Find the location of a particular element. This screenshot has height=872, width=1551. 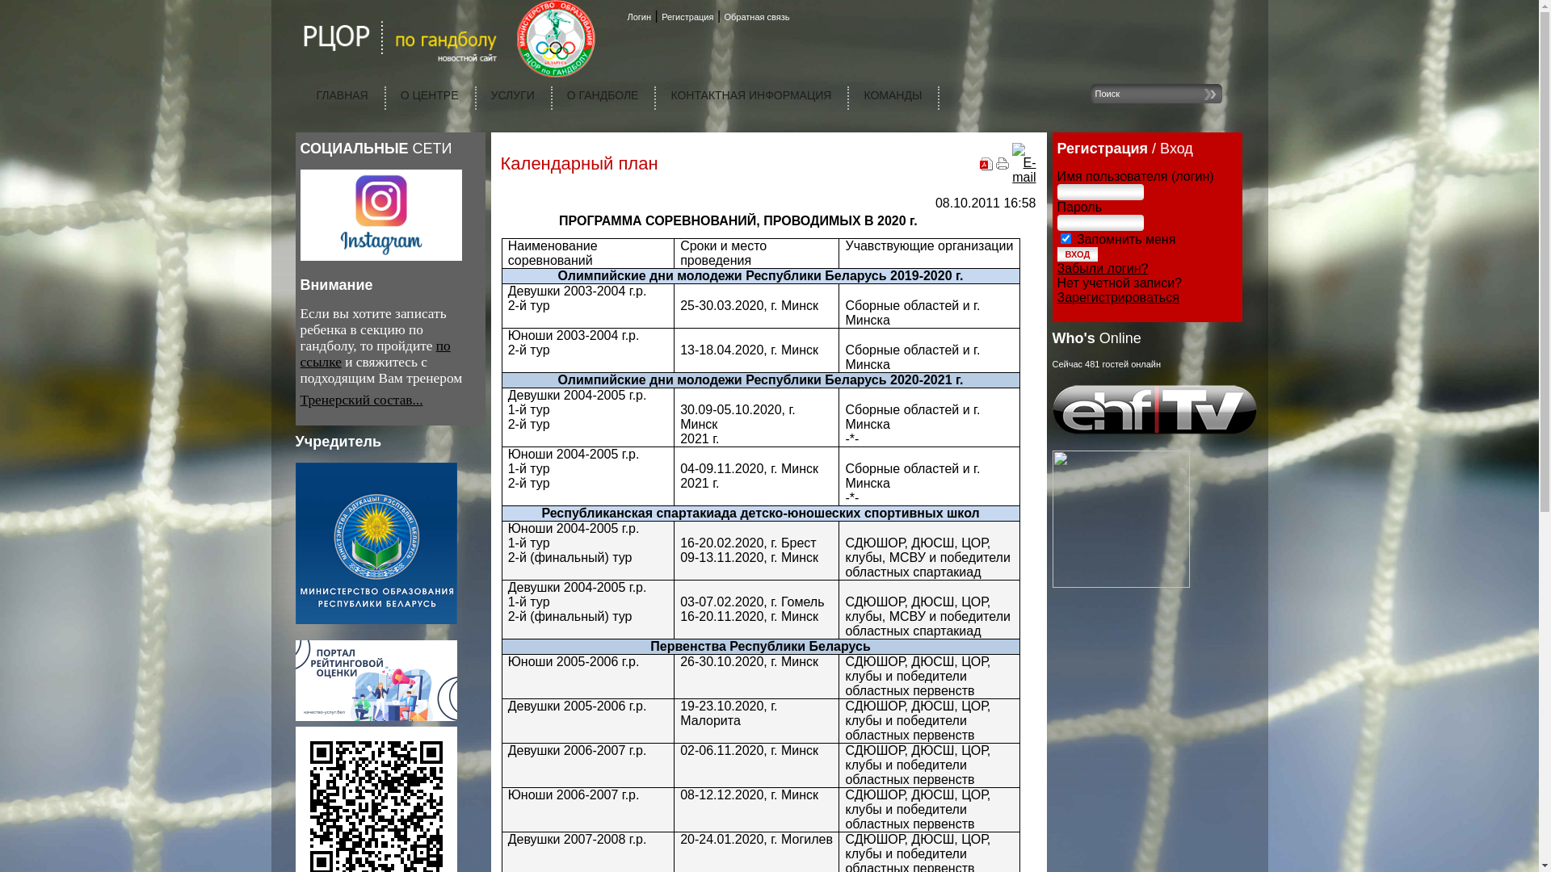

'E-mail' is located at coordinates (1023, 177).